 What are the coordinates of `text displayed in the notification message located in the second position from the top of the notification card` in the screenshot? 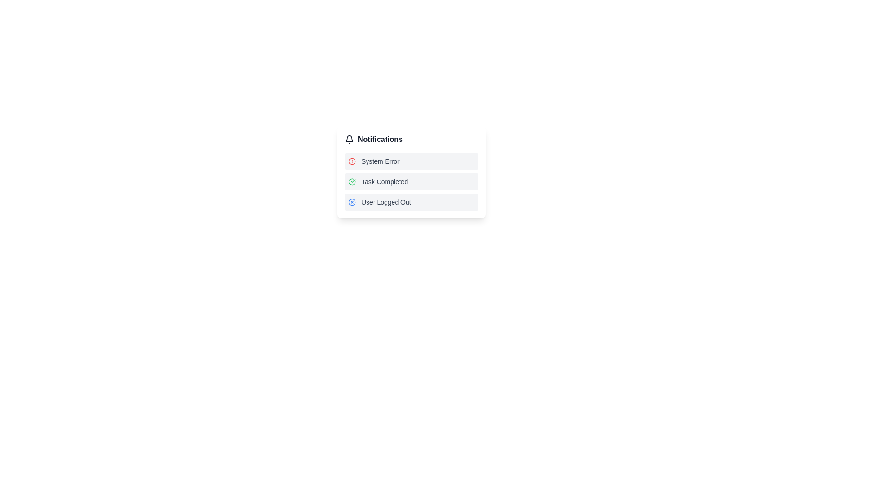 It's located at (385, 182).